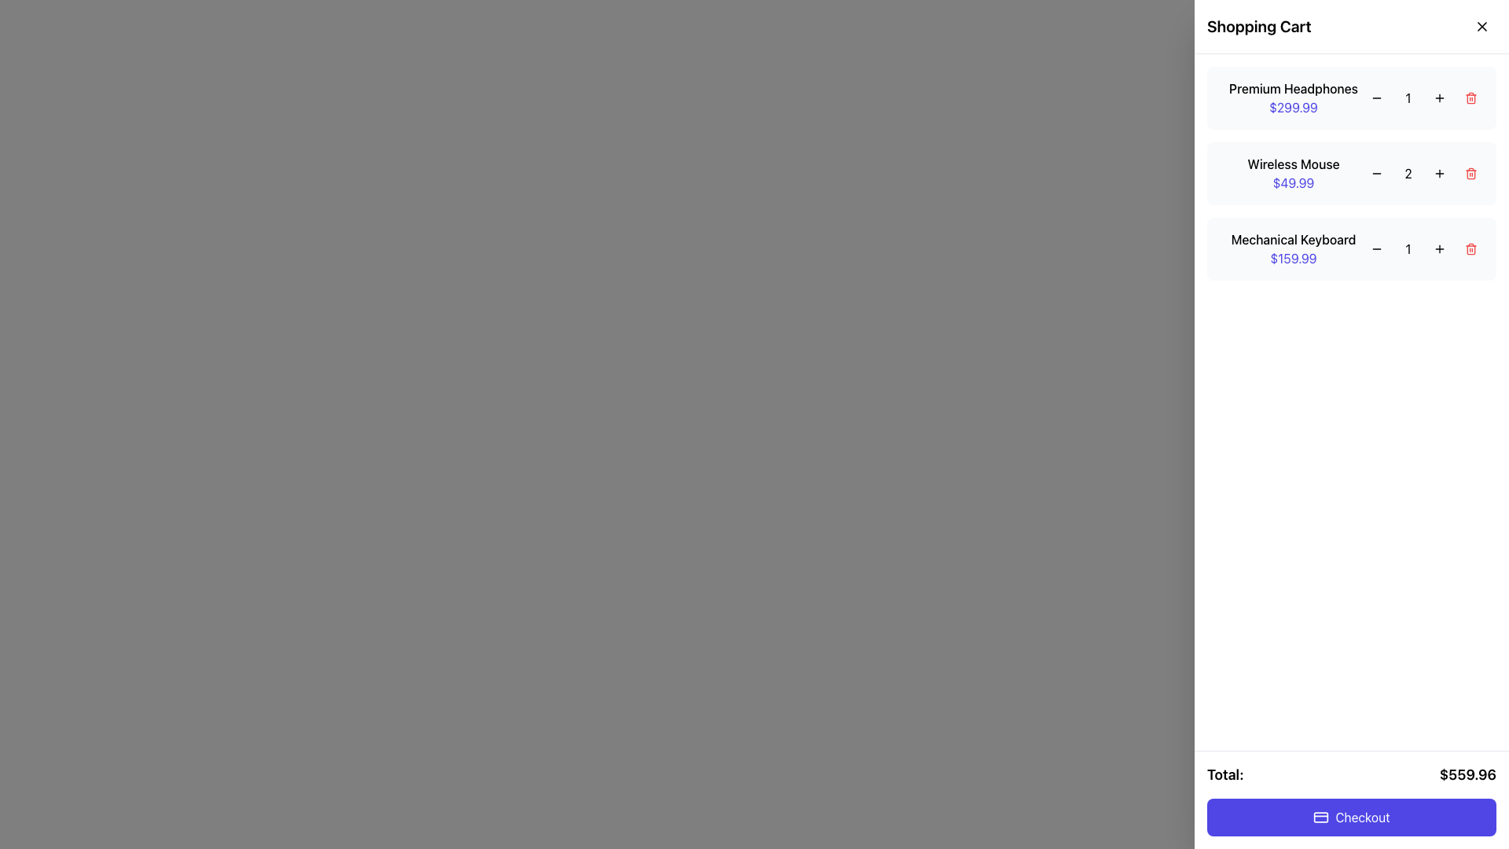 The height and width of the screenshot is (849, 1509). What do you see at coordinates (1440, 173) in the screenshot?
I see `the button to increase the quantity of the 'Wireless Mouse' item in the shopping cart, located between the quantity selector and the trash can icon` at bounding box center [1440, 173].